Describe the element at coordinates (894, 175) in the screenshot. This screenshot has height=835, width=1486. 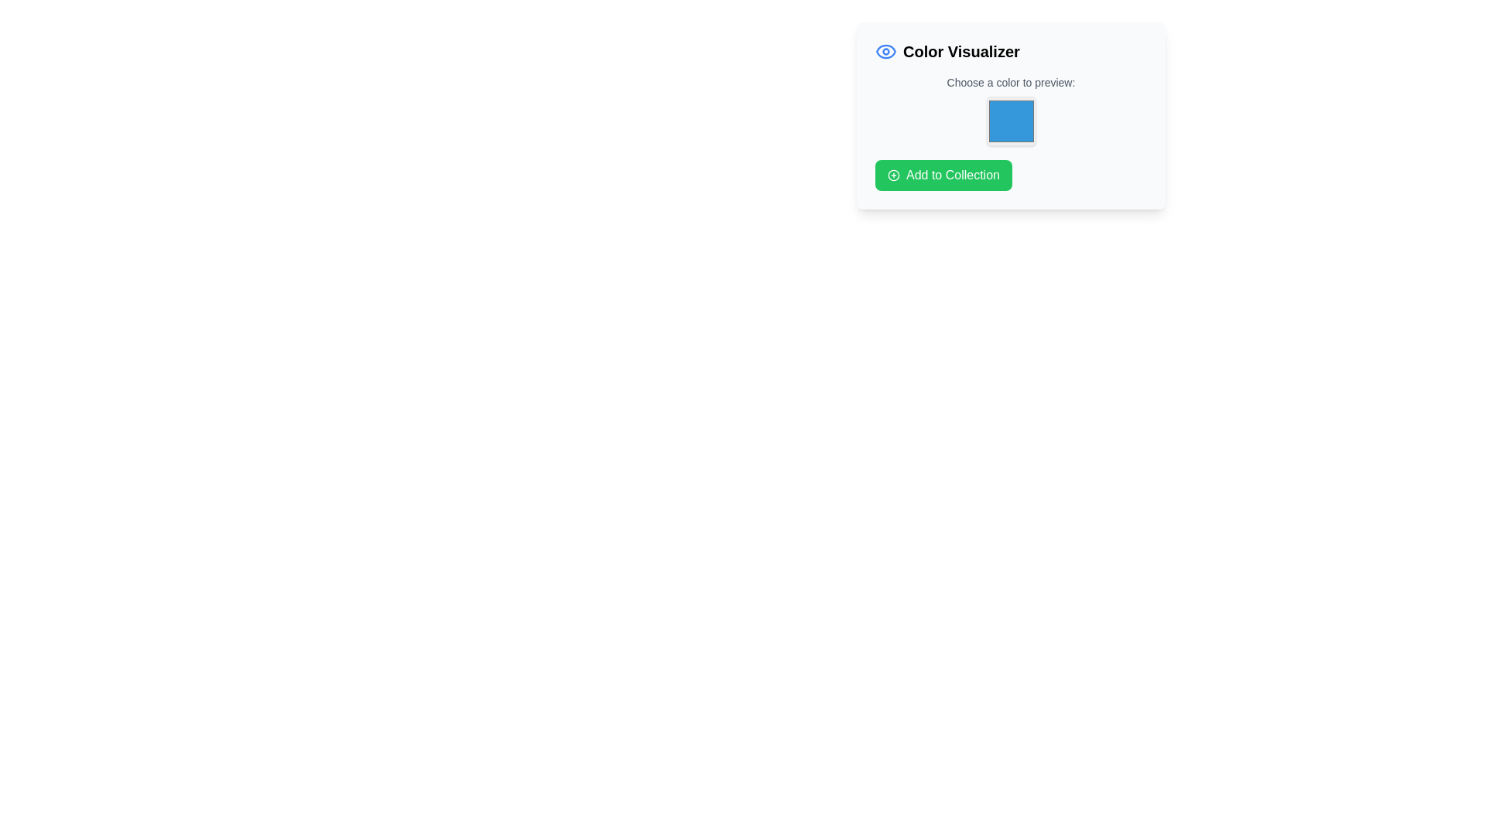
I see `the circular green icon with a plus symbol located to the left of the 'Add to Collection' label` at that location.